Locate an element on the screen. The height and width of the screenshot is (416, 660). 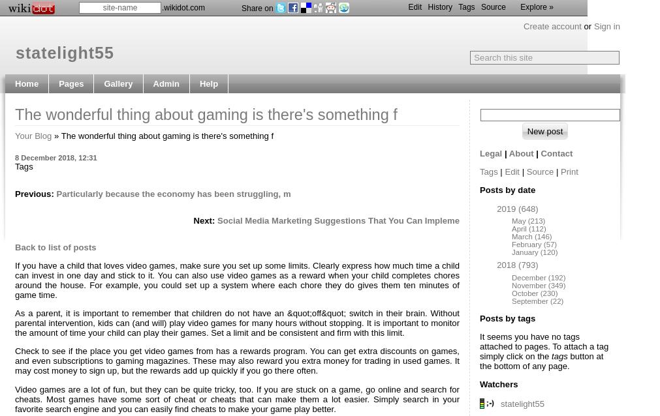
'Previous:' is located at coordinates (35, 192).